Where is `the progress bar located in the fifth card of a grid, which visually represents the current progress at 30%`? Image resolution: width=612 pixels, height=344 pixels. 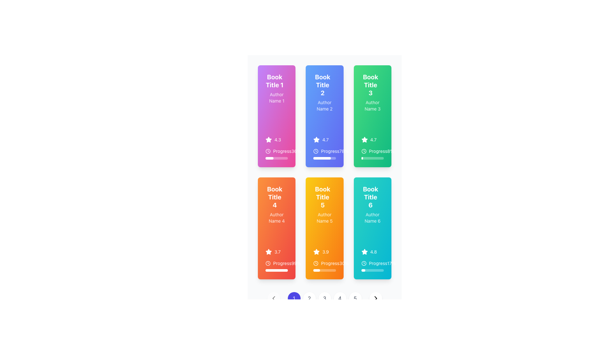
the progress bar located in the fifth card of a grid, which visually represents the current progress at 30% is located at coordinates (324, 270).